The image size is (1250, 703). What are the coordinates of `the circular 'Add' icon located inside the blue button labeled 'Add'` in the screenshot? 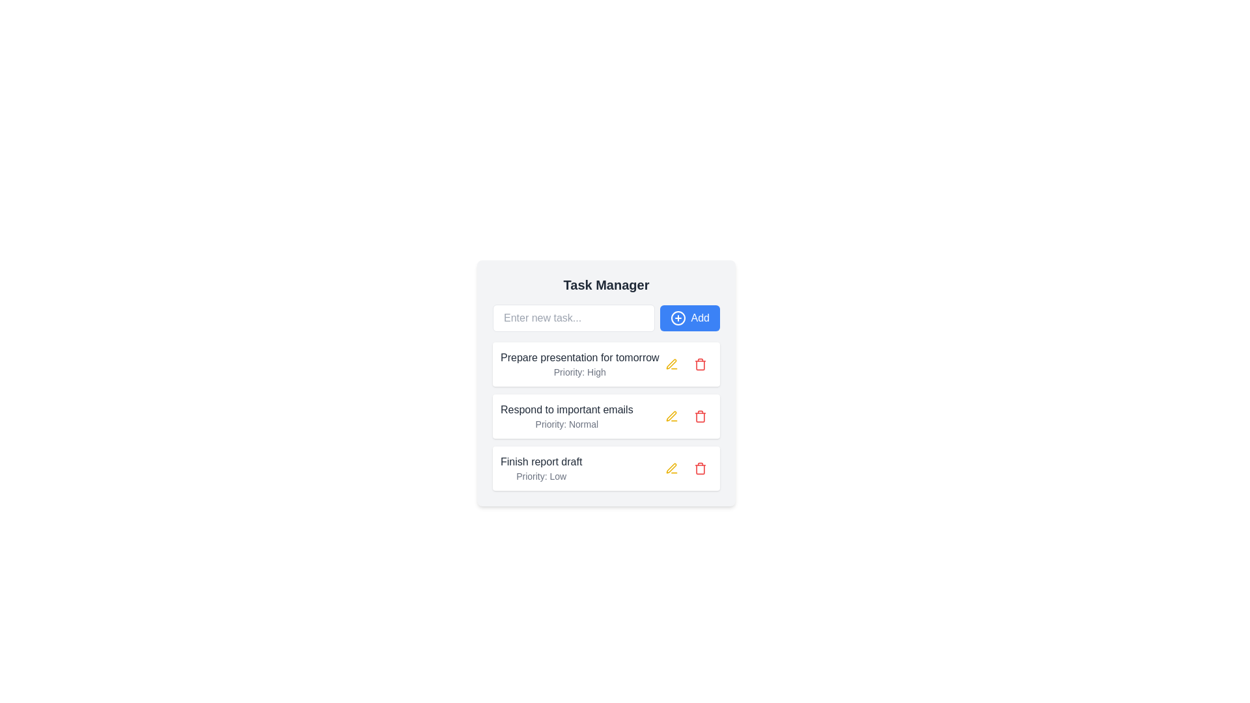 It's located at (677, 318).